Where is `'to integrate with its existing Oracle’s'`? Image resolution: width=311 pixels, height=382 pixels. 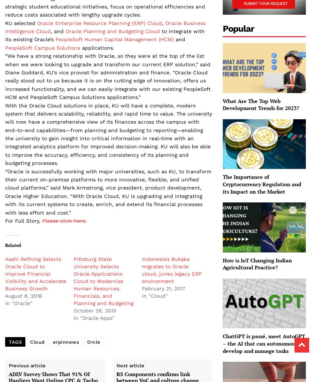
'to integrate with its existing Oracle’s' is located at coordinates (104, 35).